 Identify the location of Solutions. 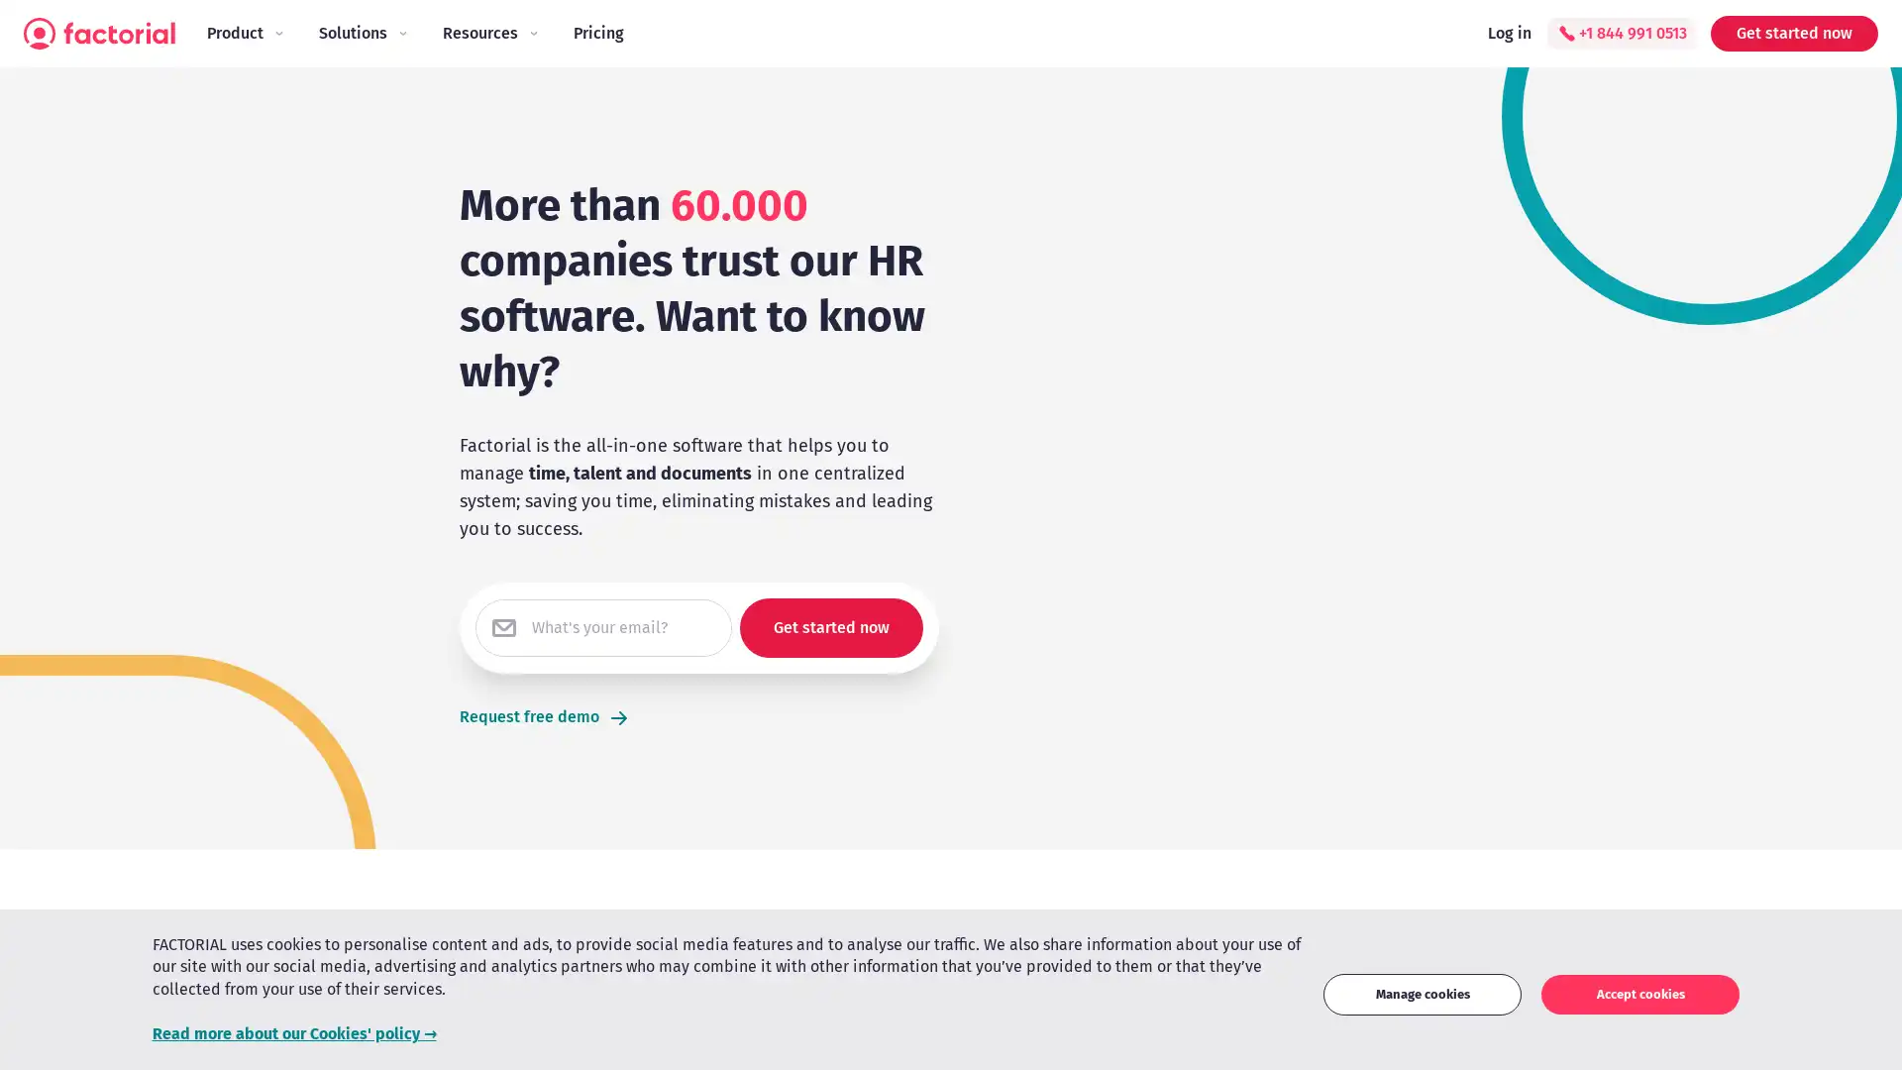
(365, 34).